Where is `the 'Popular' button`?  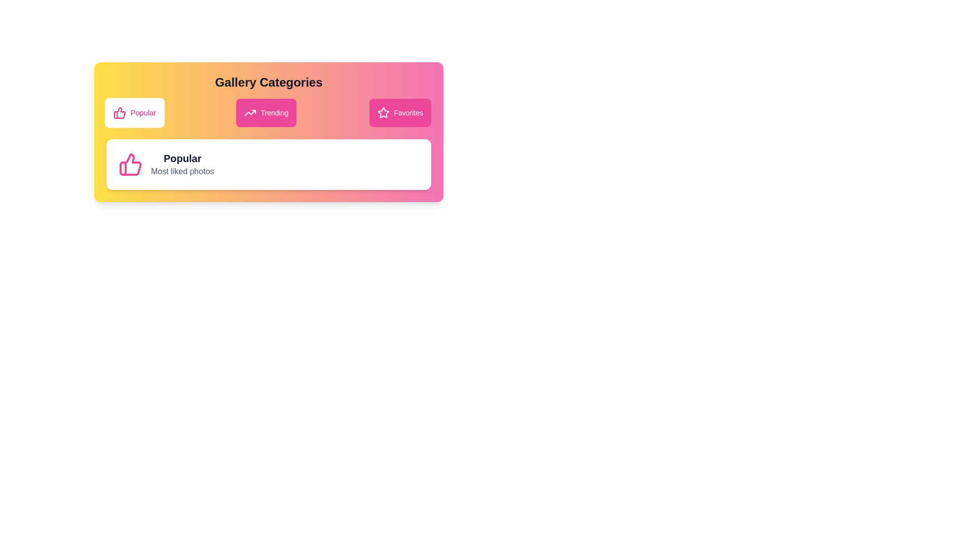 the 'Popular' button is located at coordinates (134, 113).